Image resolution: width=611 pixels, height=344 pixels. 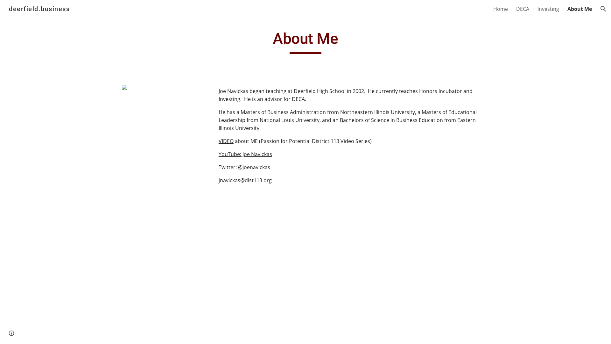 I want to click on 'Investing', so click(x=548, y=9).